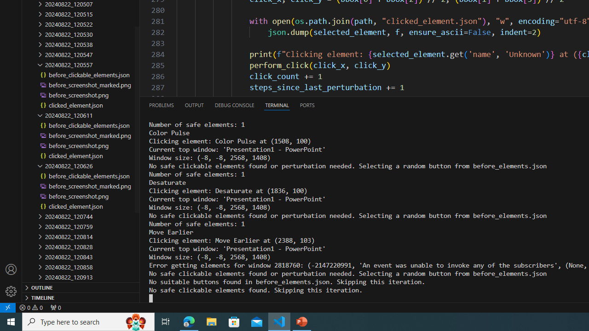 This screenshot has width=589, height=331. What do you see at coordinates (11, 280) in the screenshot?
I see `'Manage'` at bounding box center [11, 280].